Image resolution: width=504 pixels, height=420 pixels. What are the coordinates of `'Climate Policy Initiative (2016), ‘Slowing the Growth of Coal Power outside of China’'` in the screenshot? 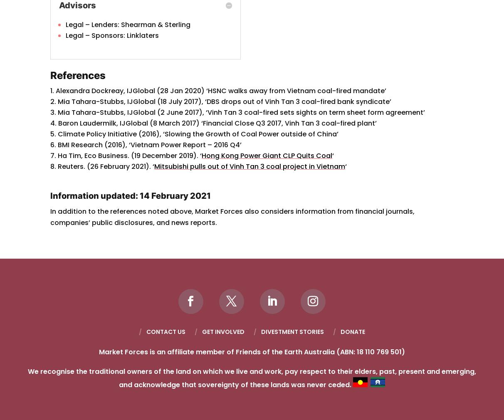 It's located at (198, 134).